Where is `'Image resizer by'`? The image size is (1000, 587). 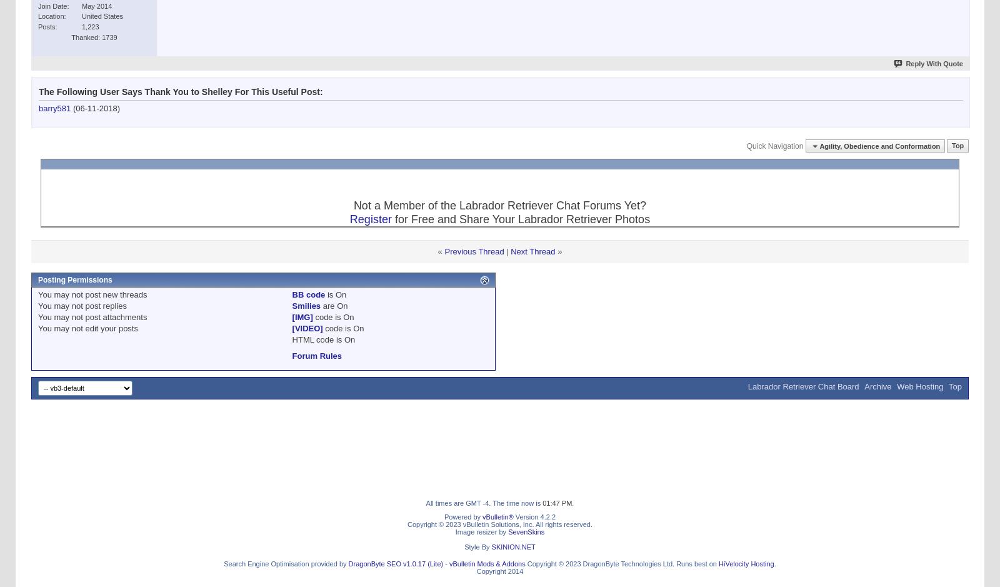 'Image resizer by' is located at coordinates (455, 531).